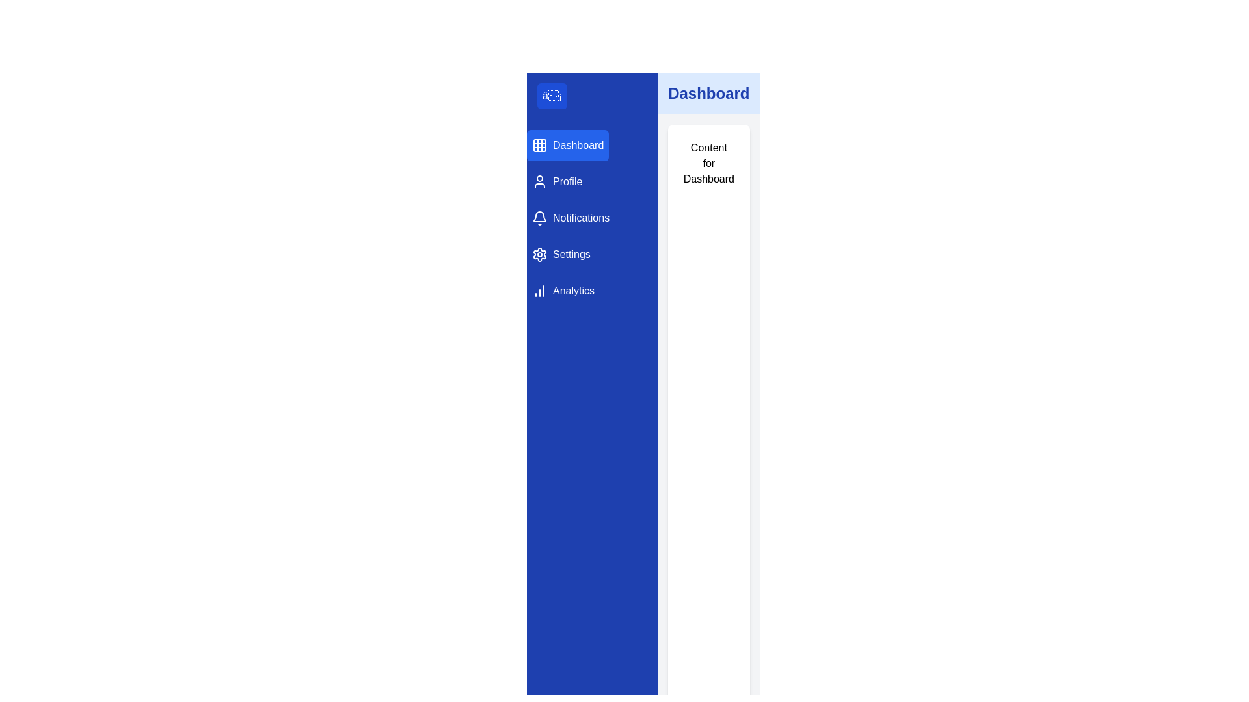 The width and height of the screenshot is (1249, 702). Describe the element at coordinates (573, 290) in the screenshot. I see `the 'Analytics' textual navigation label in the vertical side navigation menu` at that location.